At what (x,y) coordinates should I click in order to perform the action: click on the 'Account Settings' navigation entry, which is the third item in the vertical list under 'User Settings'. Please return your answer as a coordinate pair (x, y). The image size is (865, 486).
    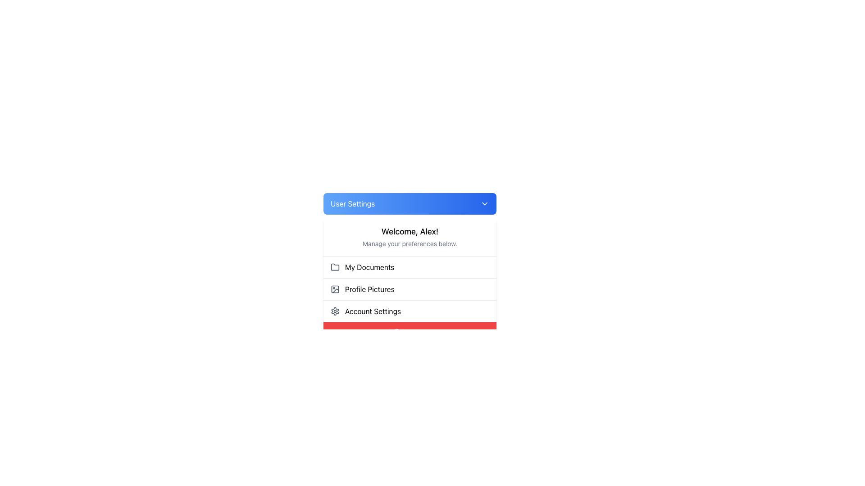
    Looking at the image, I should click on (410, 310).